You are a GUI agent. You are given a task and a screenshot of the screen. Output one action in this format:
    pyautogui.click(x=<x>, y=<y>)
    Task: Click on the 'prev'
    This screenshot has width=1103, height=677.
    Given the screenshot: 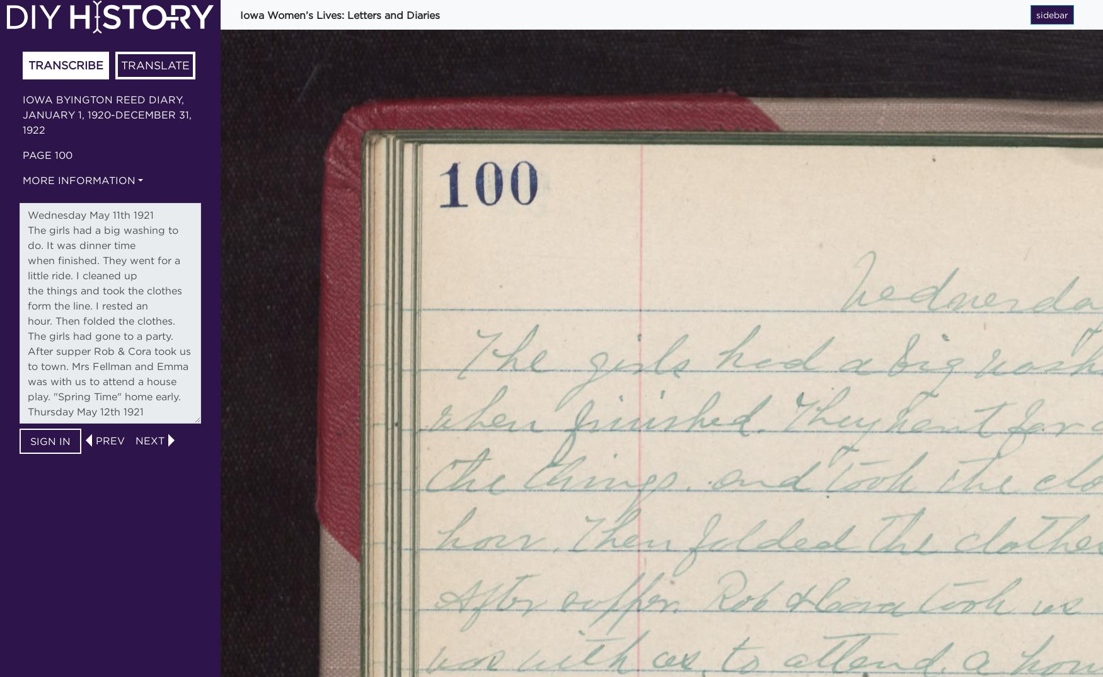 What is the action you would take?
    pyautogui.click(x=110, y=439)
    